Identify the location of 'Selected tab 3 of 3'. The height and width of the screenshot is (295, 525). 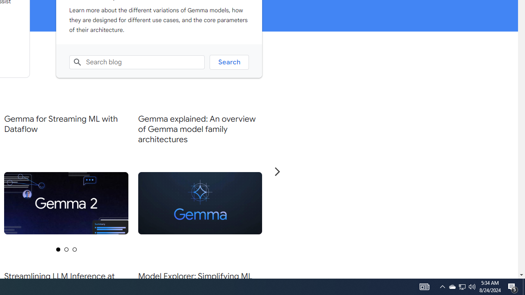
(74, 249).